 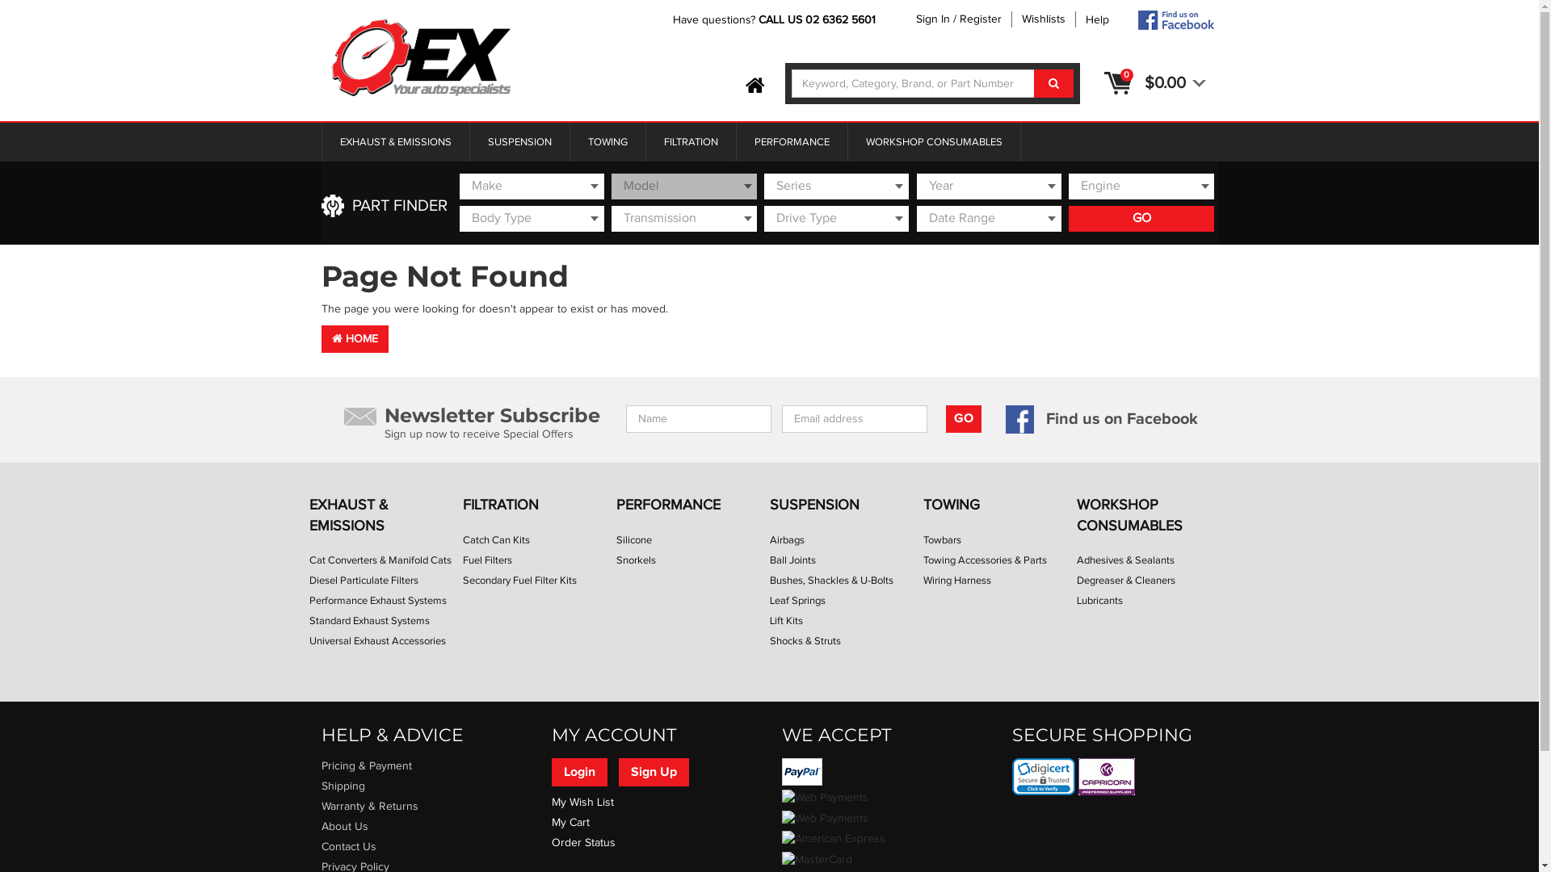 What do you see at coordinates (422, 58) in the screenshot?
I see `'O-EX AUTO Car Spare Parts'` at bounding box center [422, 58].